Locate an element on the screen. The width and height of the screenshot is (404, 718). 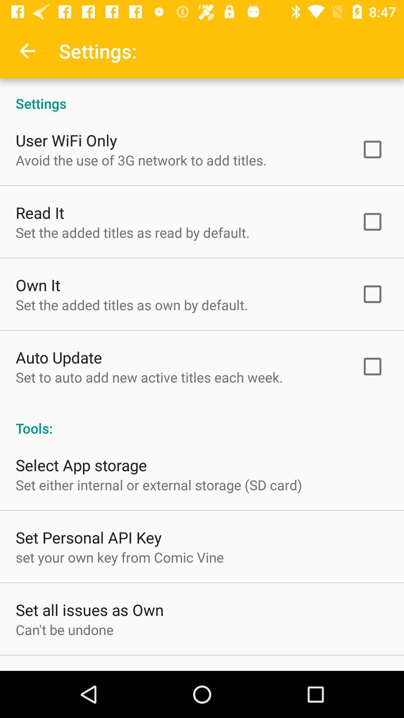
the tools: icon is located at coordinates (202, 420).